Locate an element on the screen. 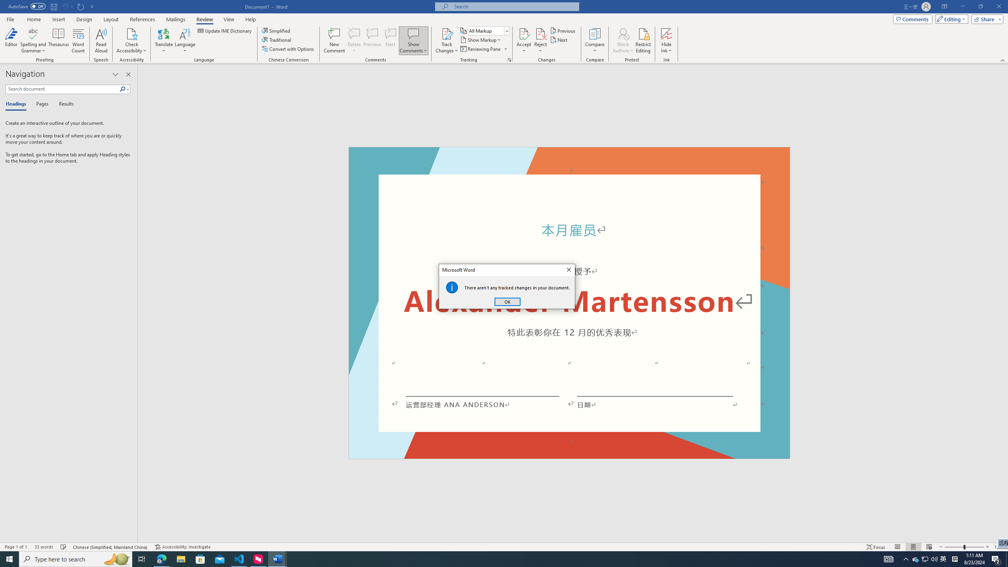  'Insert' is located at coordinates (58, 19).